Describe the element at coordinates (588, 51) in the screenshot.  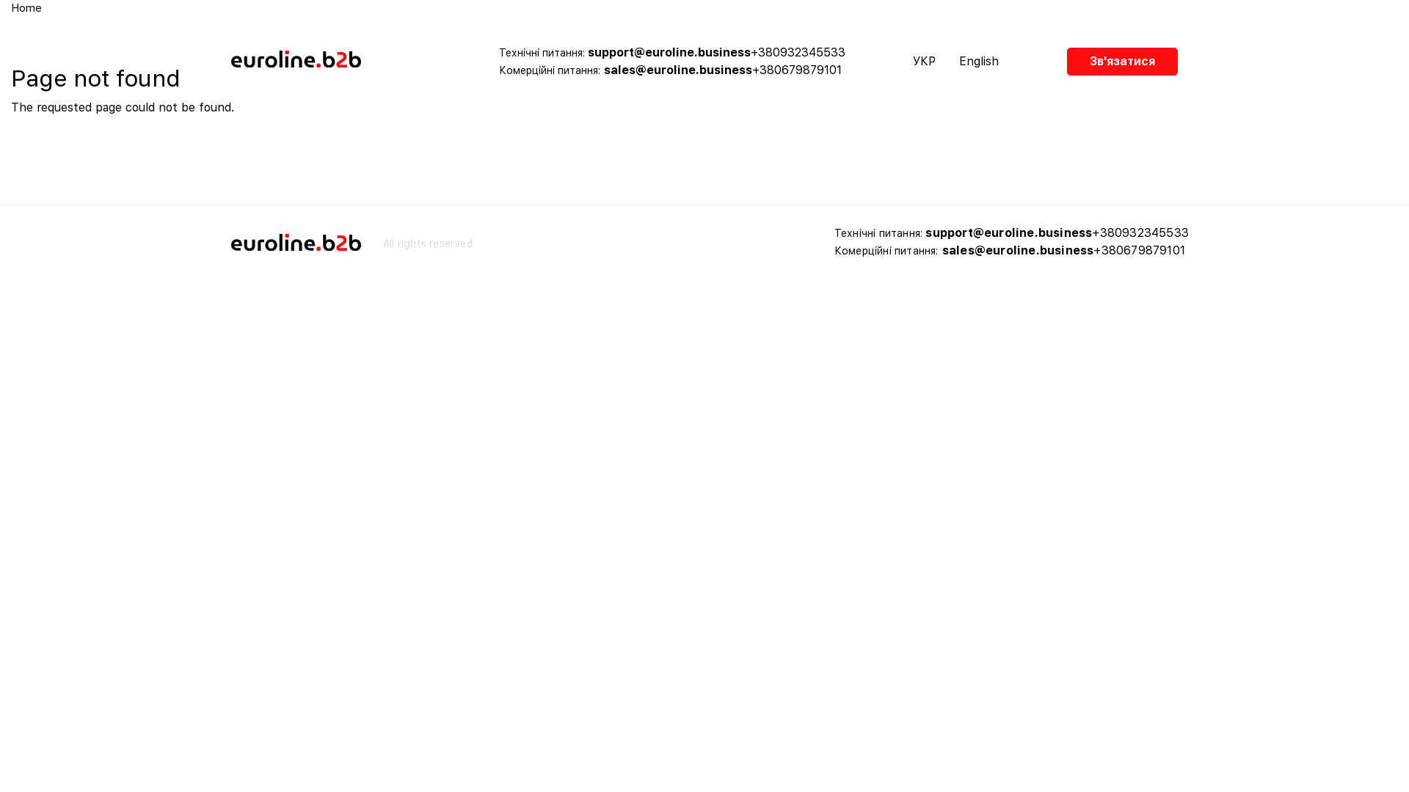
I see `'support@euroline.business'` at that location.